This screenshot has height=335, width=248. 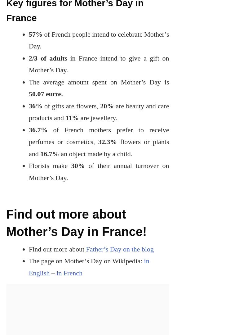 I want to click on 'of French mothers prefer to receive perfumes or cosmetics,', so click(x=98, y=135).